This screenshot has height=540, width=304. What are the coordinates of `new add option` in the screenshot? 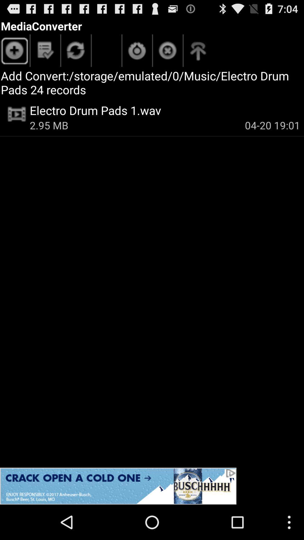 It's located at (14, 52).